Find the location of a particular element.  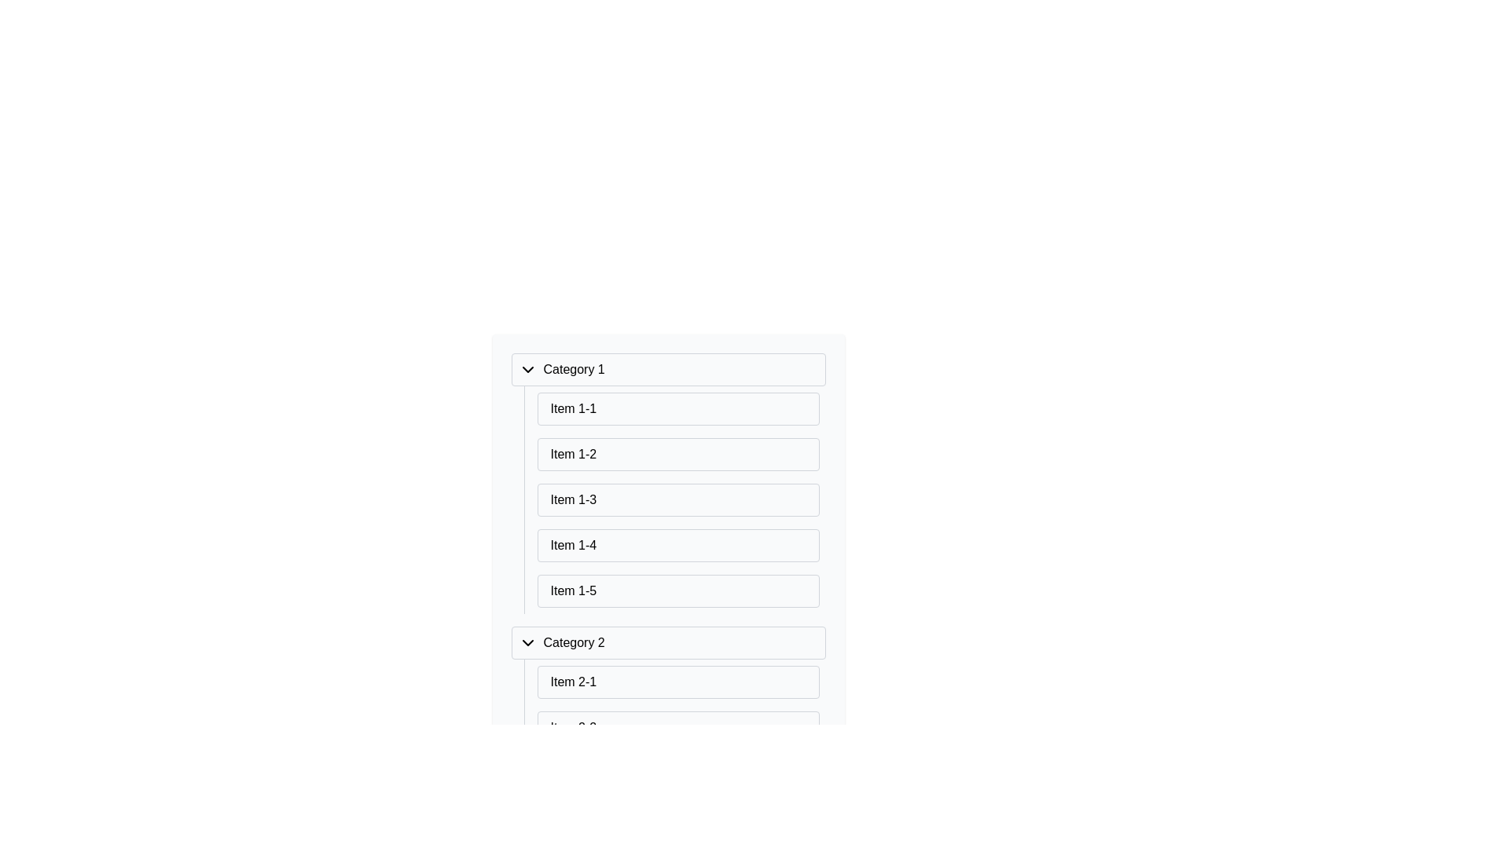

the first Button-like list item located under the 'Category 2' section is located at coordinates (678, 681).